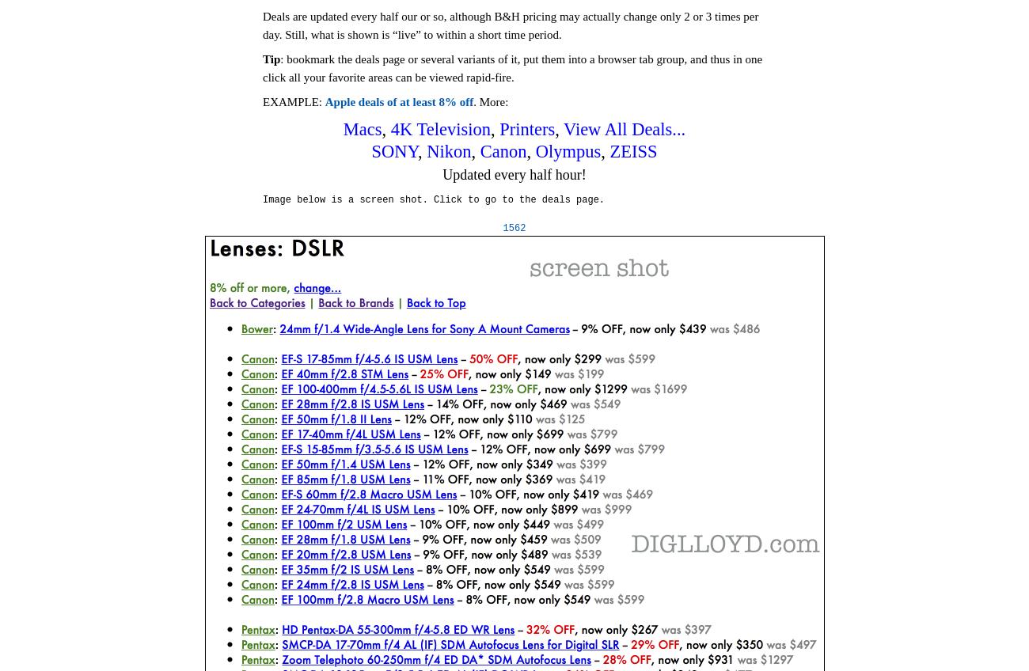 This screenshot has height=671, width=1029. What do you see at coordinates (490, 100) in the screenshot?
I see `'. More:'` at bounding box center [490, 100].